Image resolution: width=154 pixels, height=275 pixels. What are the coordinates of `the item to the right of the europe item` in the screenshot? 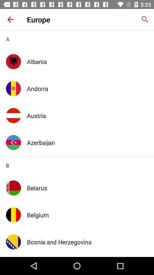 It's located at (145, 19).